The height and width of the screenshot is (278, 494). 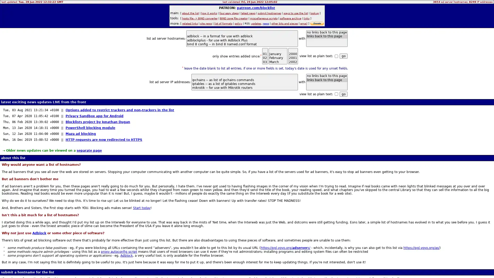 I want to click on go, so click(x=343, y=94).